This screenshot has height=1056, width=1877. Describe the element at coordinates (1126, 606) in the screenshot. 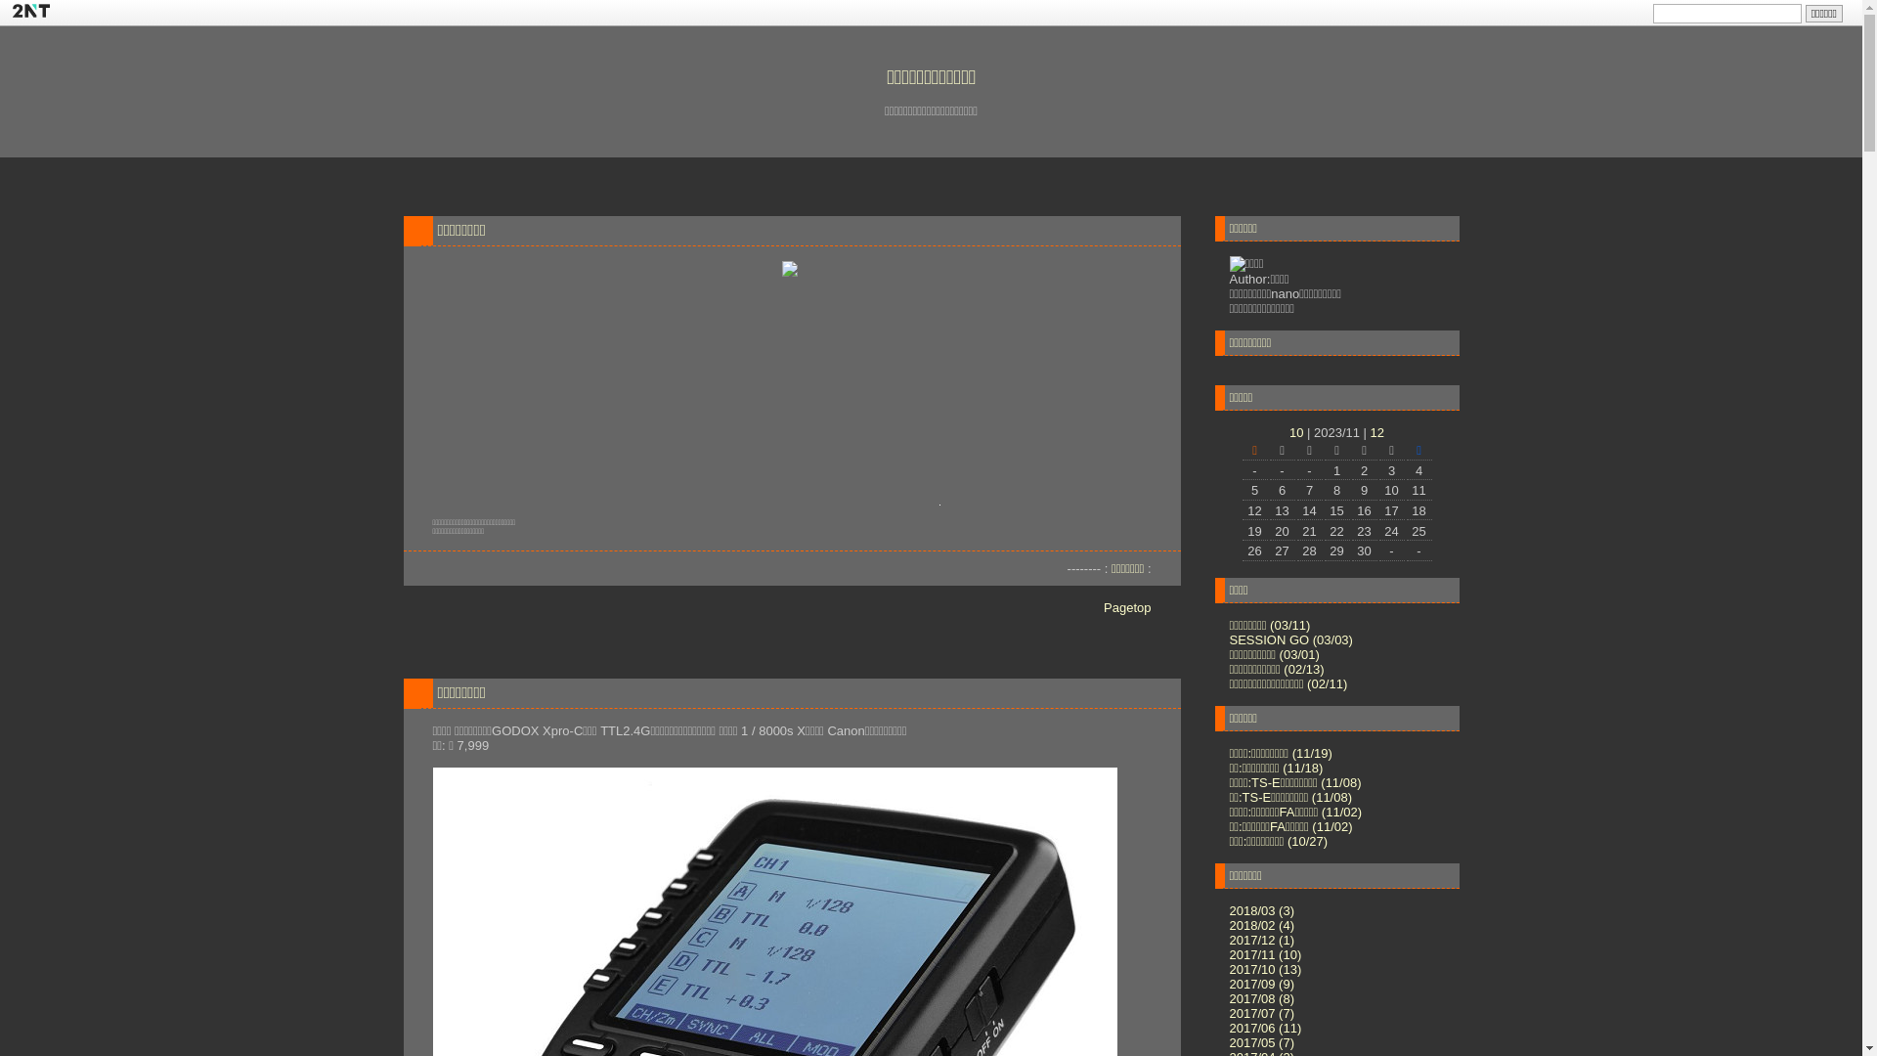

I see `'Pagetop'` at that location.